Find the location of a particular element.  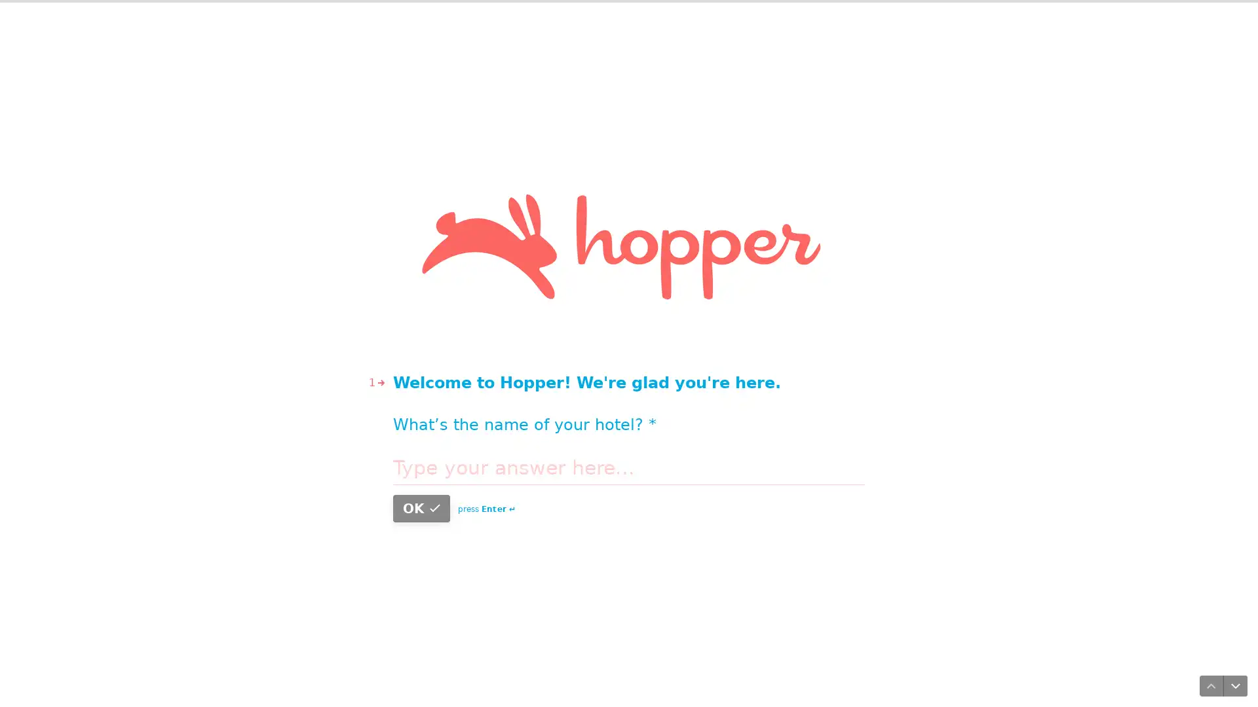

Navigate to next question is located at coordinates (1229, 680).